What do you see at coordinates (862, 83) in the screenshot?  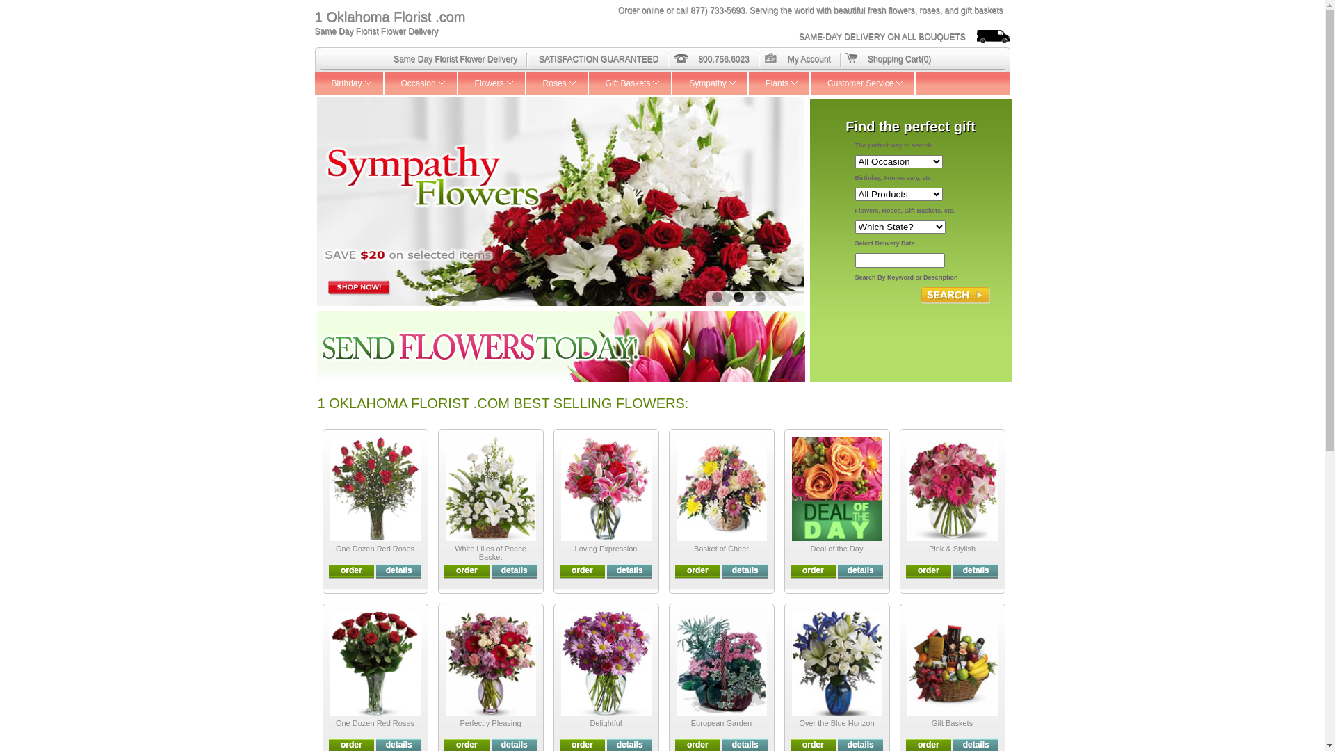 I see `'Customer Service'` at bounding box center [862, 83].